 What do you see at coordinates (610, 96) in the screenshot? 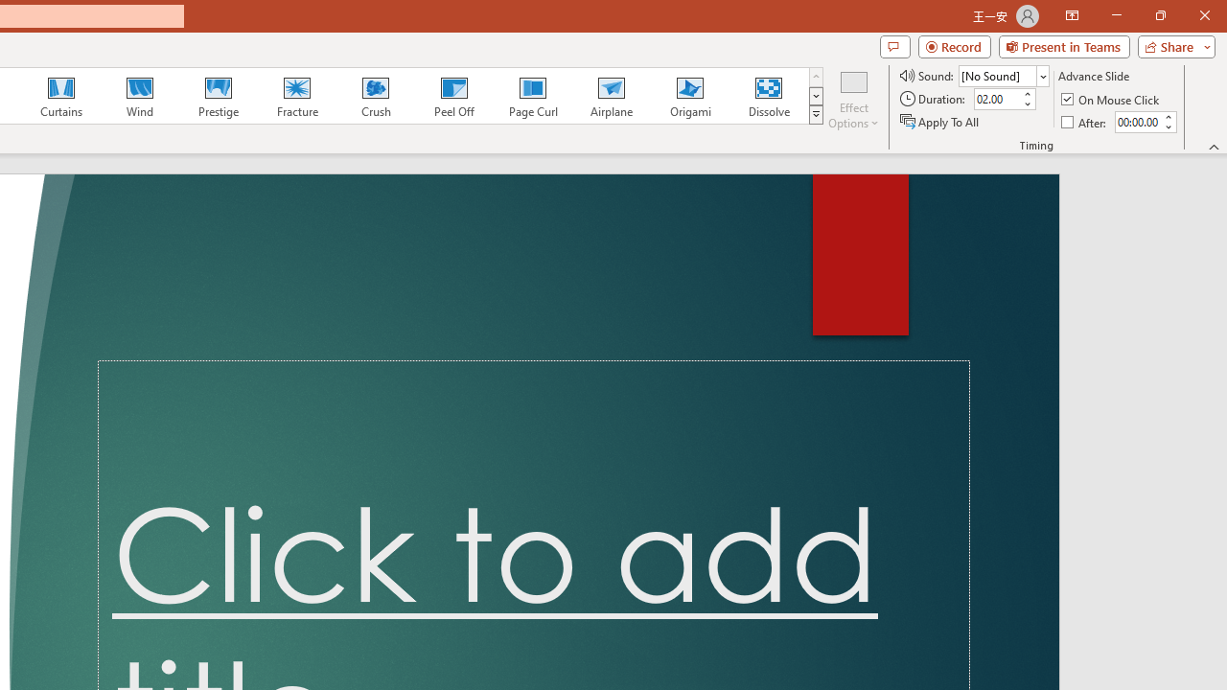
I see `'Airplane'` at bounding box center [610, 96].